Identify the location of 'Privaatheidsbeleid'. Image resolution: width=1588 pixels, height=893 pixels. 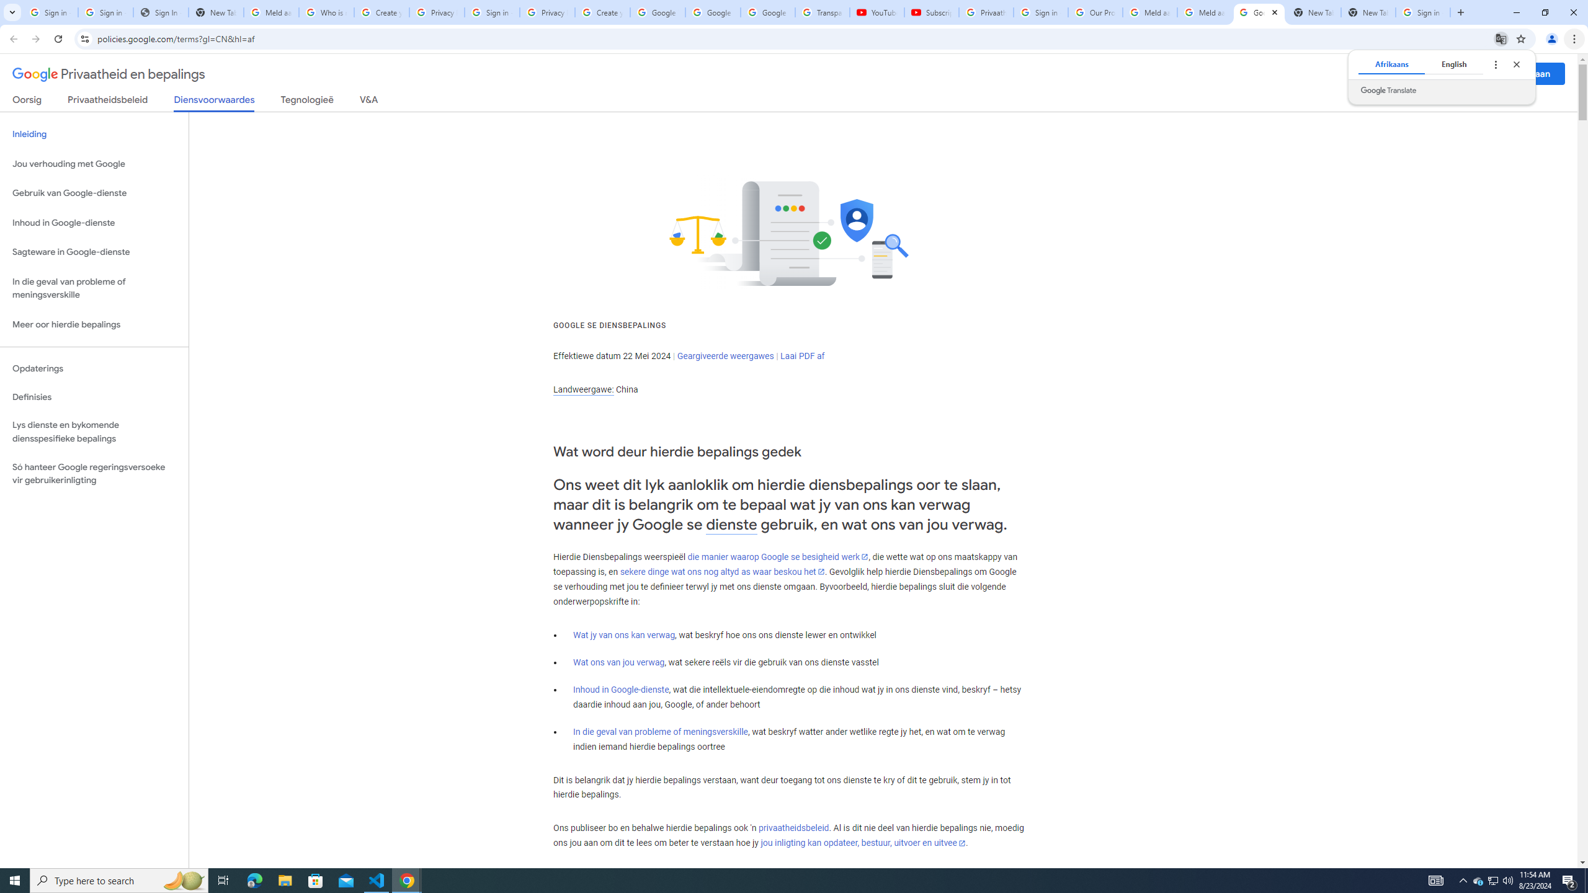
(108, 102).